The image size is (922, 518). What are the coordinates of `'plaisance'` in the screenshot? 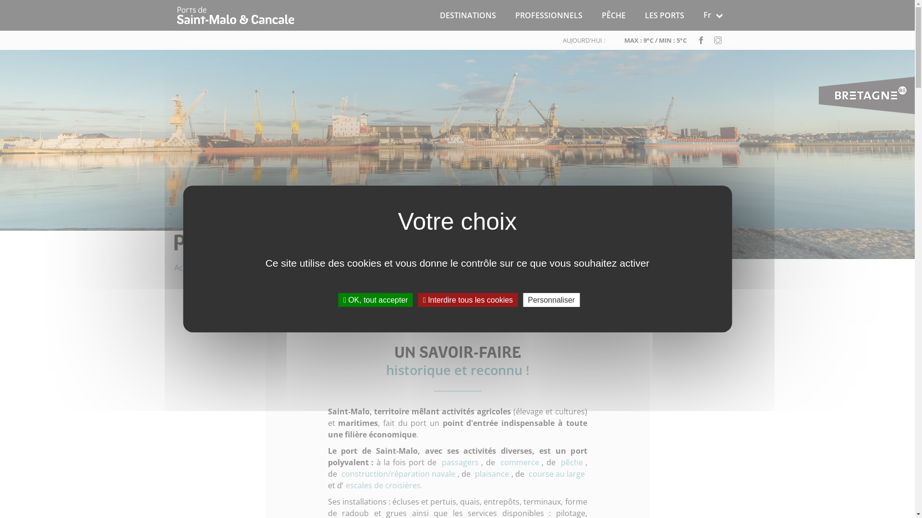 It's located at (492, 473).